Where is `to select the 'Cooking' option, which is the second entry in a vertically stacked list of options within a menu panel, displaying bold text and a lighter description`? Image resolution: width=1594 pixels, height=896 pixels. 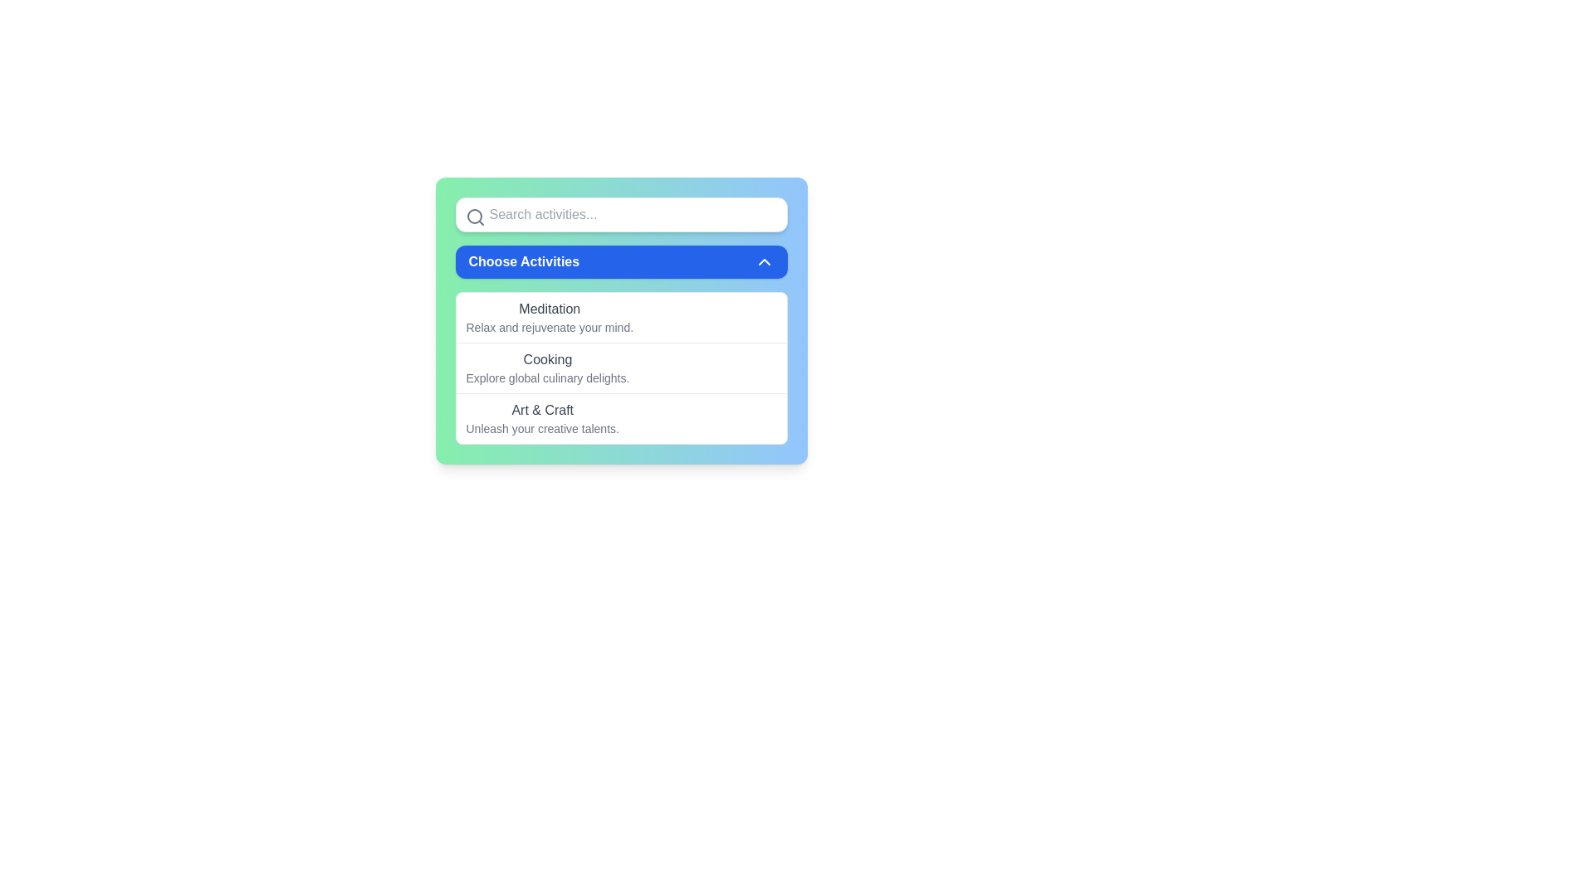
to select the 'Cooking' option, which is the second entry in a vertically stacked list of options within a menu panel, displaying bold text and a lighter description is located at coordinates (620, 367).